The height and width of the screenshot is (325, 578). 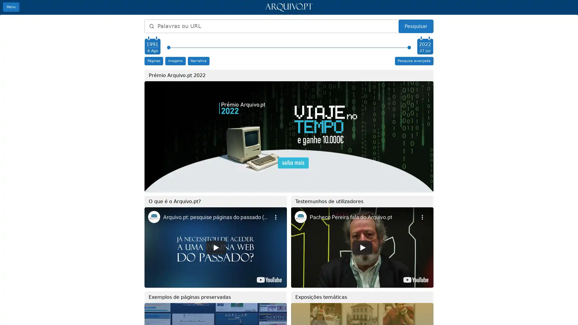 I want to click on Pesquisar, so click(x=415, y=26).